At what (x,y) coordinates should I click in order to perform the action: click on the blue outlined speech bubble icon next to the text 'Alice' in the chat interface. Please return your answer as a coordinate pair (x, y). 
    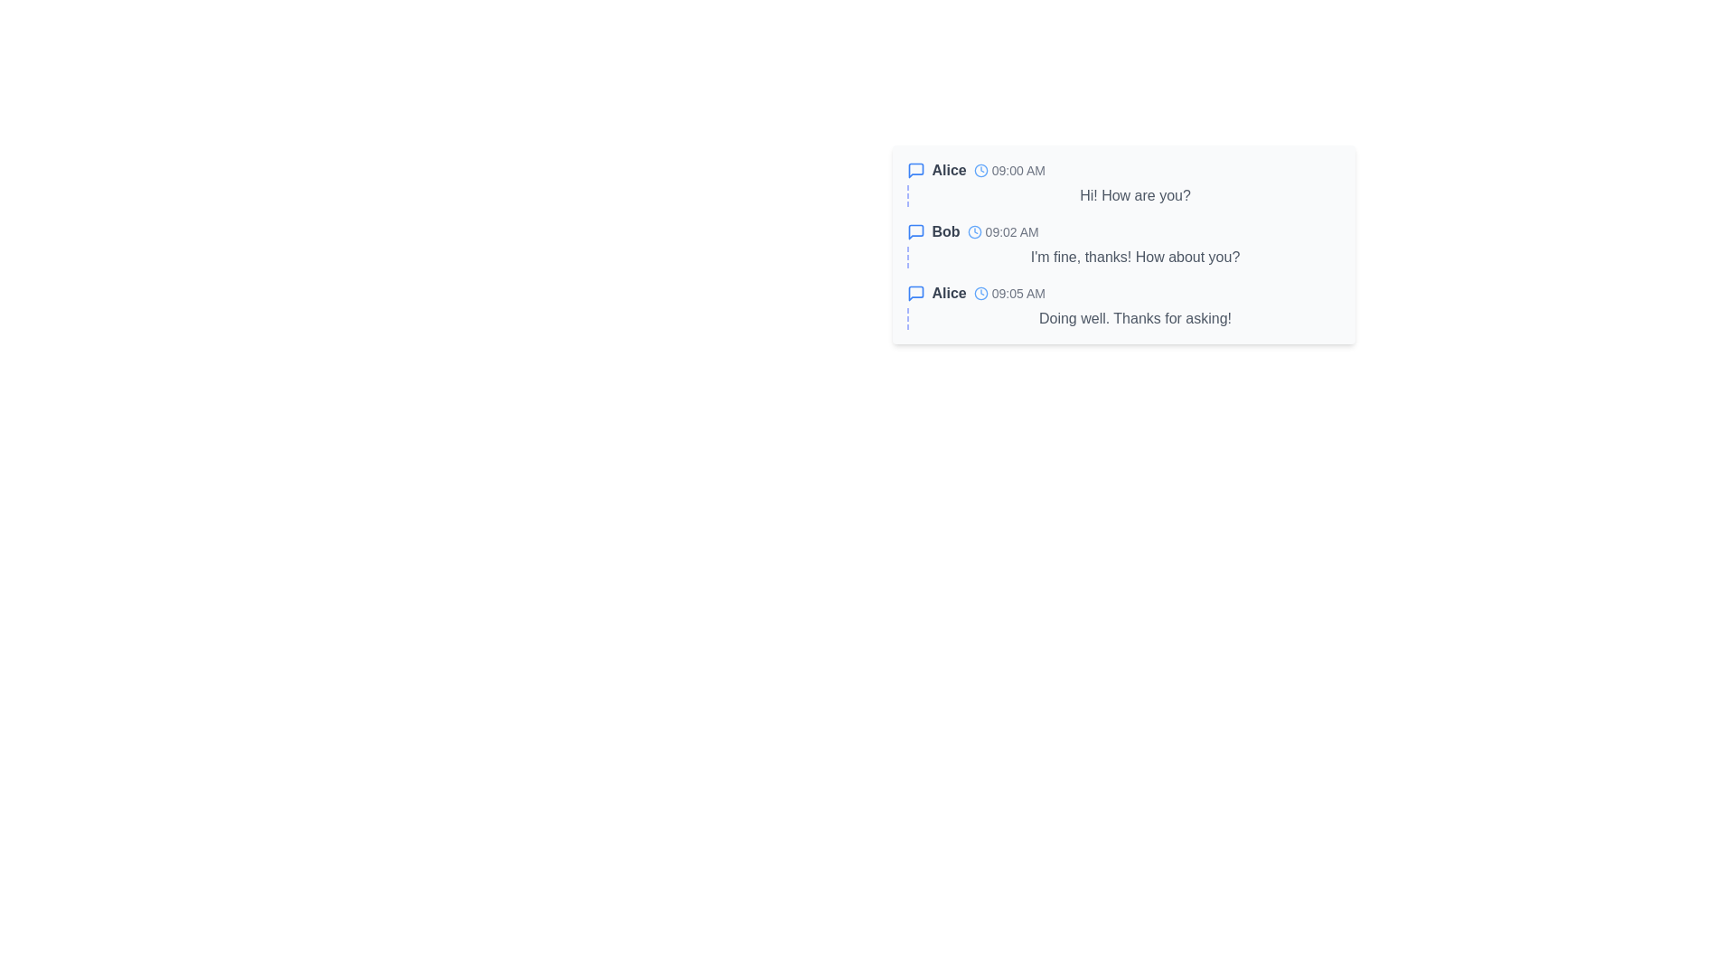
    Looking at the image, I should click on (915, 292).